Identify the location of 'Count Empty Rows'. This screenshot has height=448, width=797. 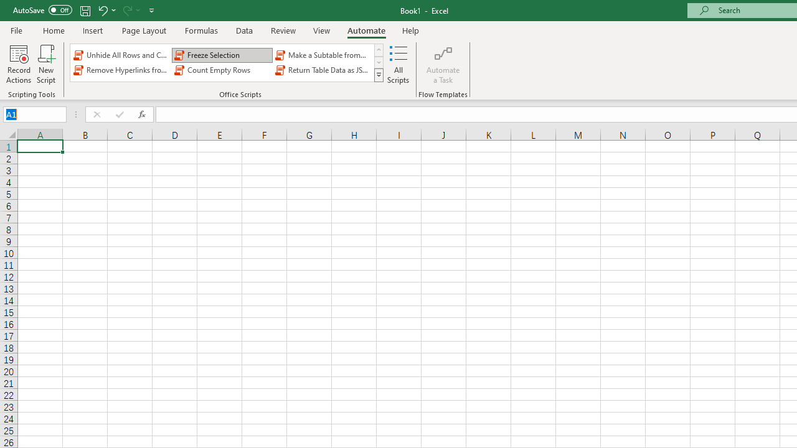
(222, 70).